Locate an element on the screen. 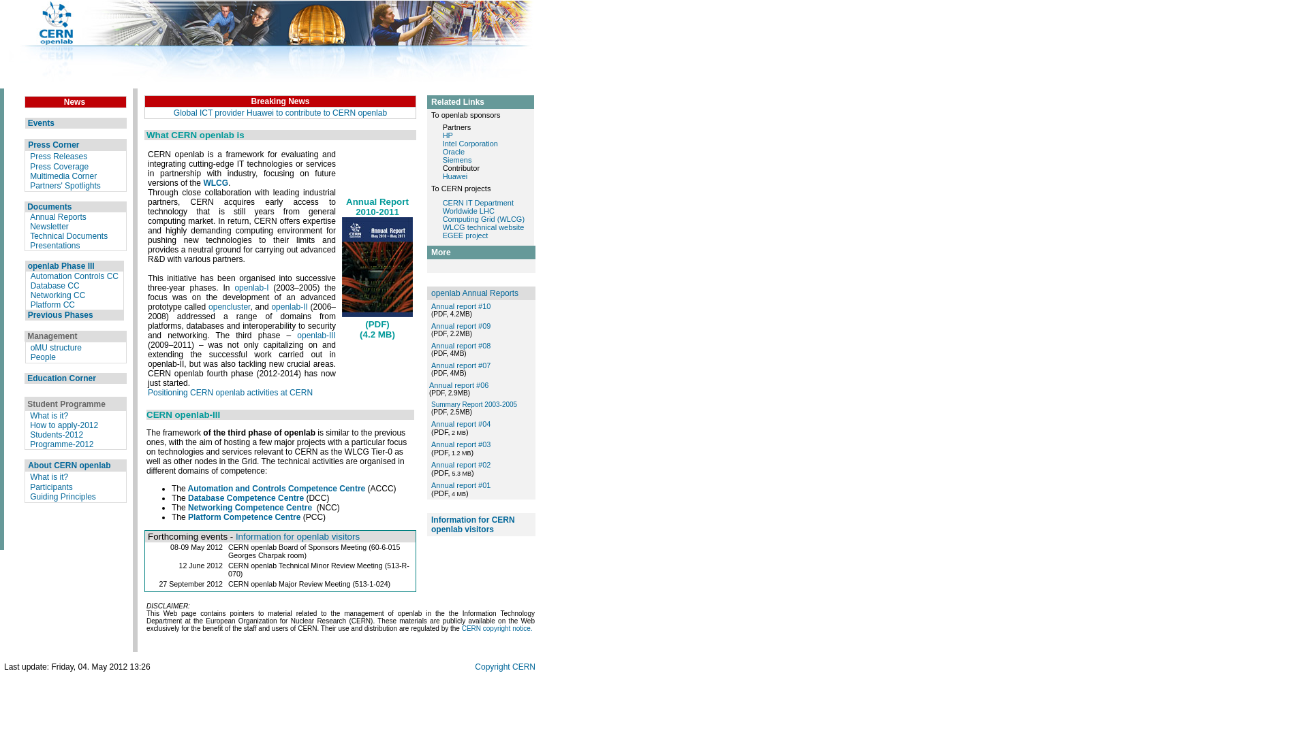 The image size is (1308, 735). 'Automation and Controls Competence Centre' is located at coordinates (276, 487).